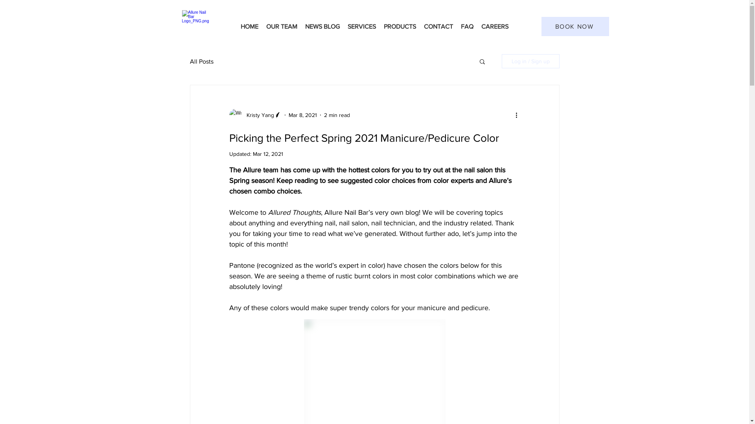  I want to click on 'NEWS BLOG', so click(322, 26).